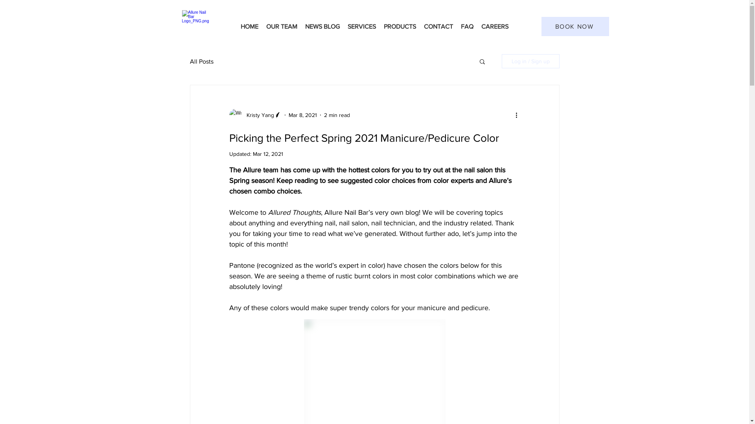  I want to click on 'NEWS BLOG', so click(322, 26).